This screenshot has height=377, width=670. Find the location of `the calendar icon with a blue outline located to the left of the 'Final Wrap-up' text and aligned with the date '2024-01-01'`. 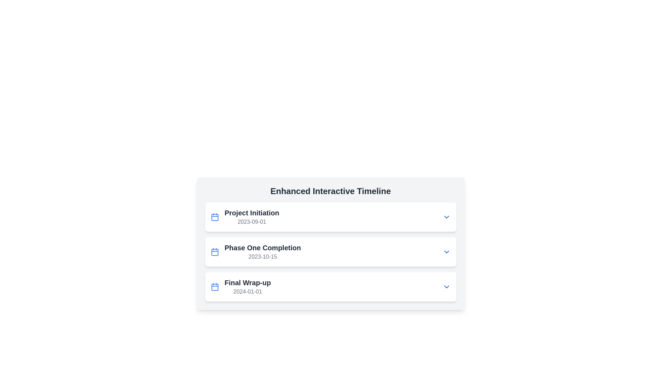

the calendar icon with a blue outline located to the left of the 'Final Wrap-up' text and aligned with the date '2024-01-01' is located at coordinates (214, 287).